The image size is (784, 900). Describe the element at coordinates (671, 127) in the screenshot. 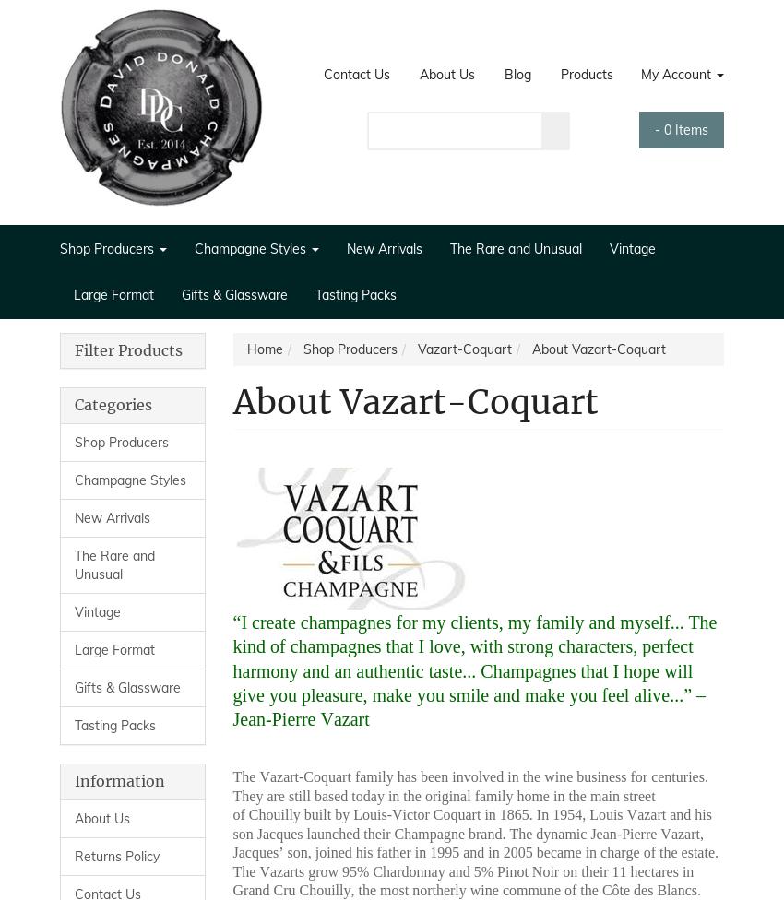

I see `'Items'` at that location.